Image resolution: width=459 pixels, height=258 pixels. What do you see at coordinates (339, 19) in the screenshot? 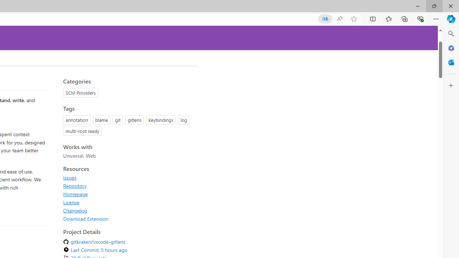
I see `'Read aloud this page (Ctrl+Shift+U)'` at bounding box center [339, 19].